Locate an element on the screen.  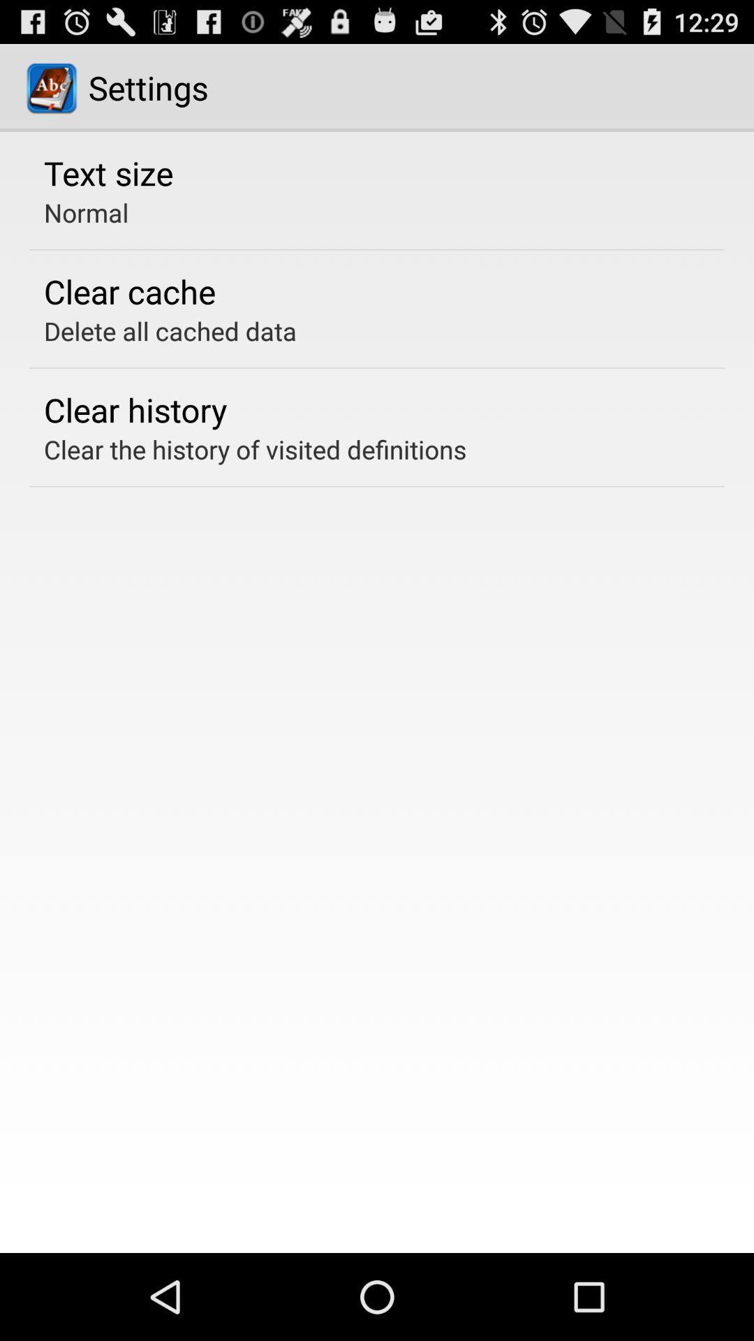
delete all cached icon is located at coordinates (170, 330).